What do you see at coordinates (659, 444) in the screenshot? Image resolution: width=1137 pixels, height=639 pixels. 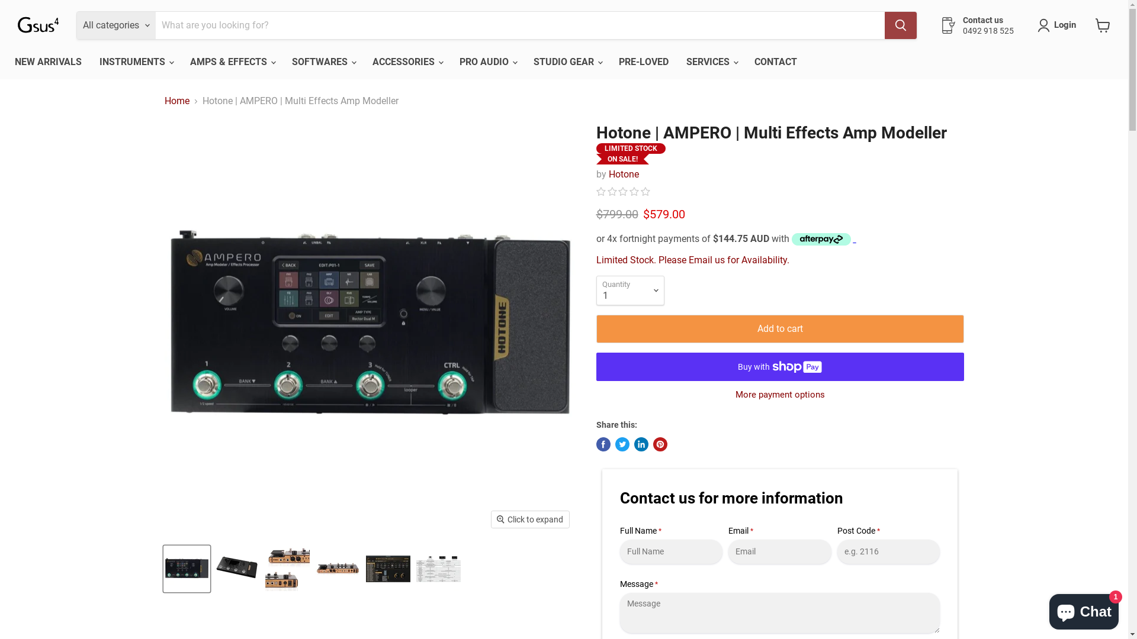 I see `'Pin on Pinterest'` at bounding box center [659, 444].